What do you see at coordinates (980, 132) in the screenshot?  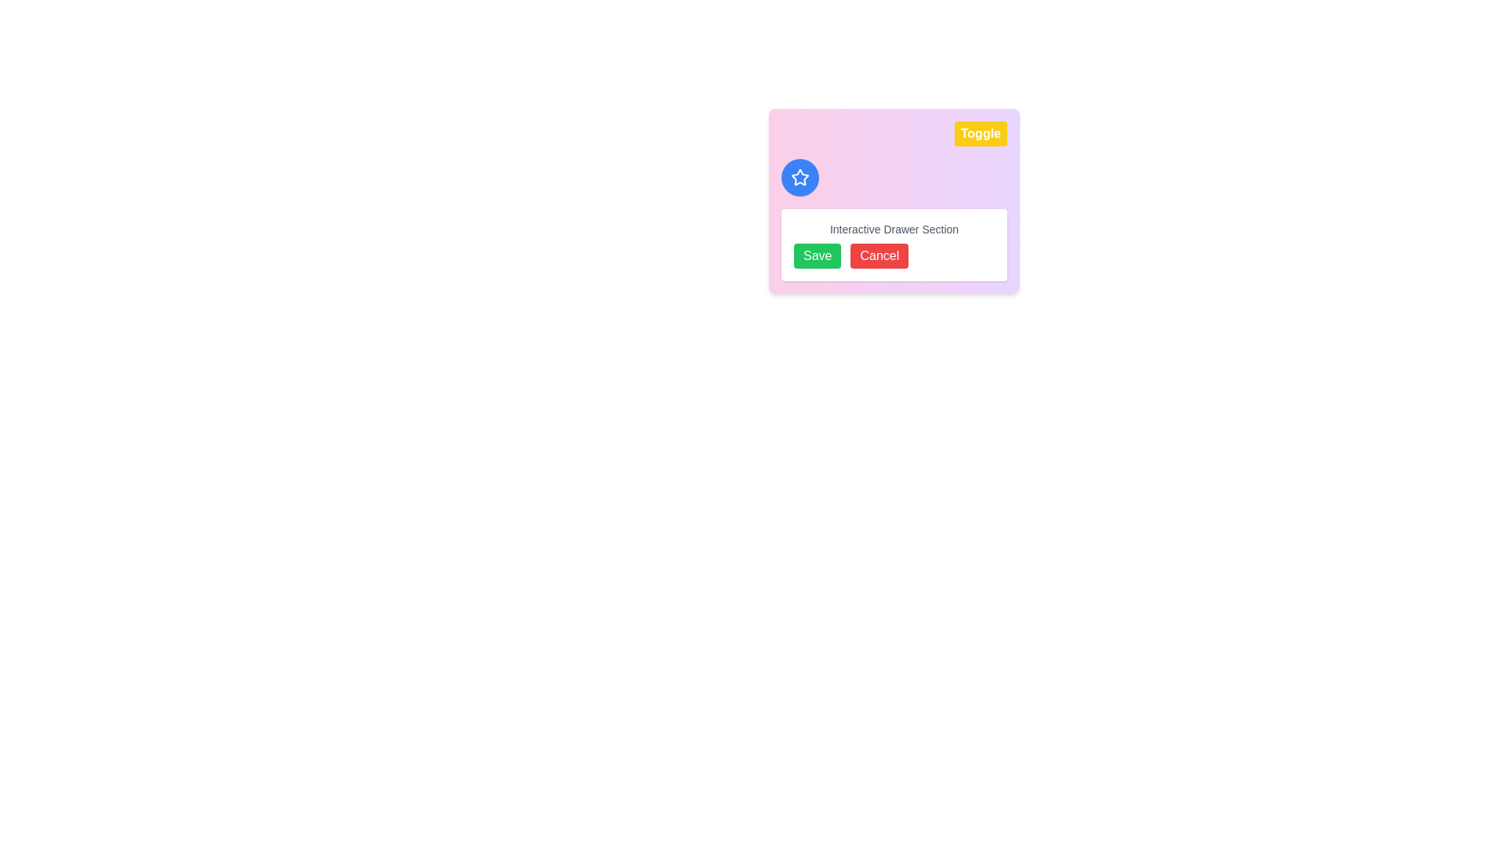 I see `the toggle button located at the top-right corner of the pastel-colored box to observe its hover effect` at bounding box center [980, 132].